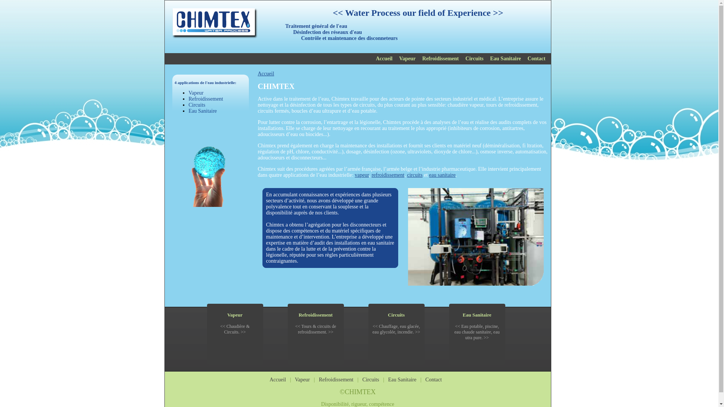 The width and height of the screenshot is (724, 407). Describe the element at coordinates (362, 175) in the screenshot. I see `'vapeur'` at that location.